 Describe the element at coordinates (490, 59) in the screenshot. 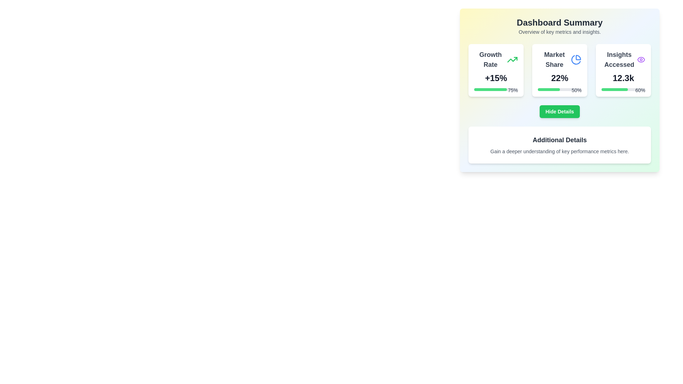

I see `the 'Growth Rate' text label located at the top-left corner of a card-like structure in the main dashboard area` at that location.